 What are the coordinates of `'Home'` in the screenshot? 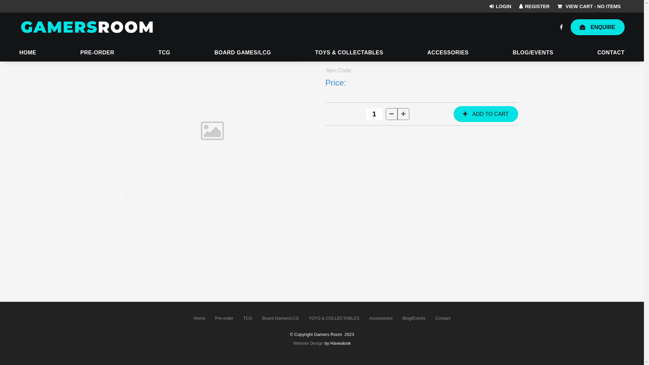 It's located at (199, 318).